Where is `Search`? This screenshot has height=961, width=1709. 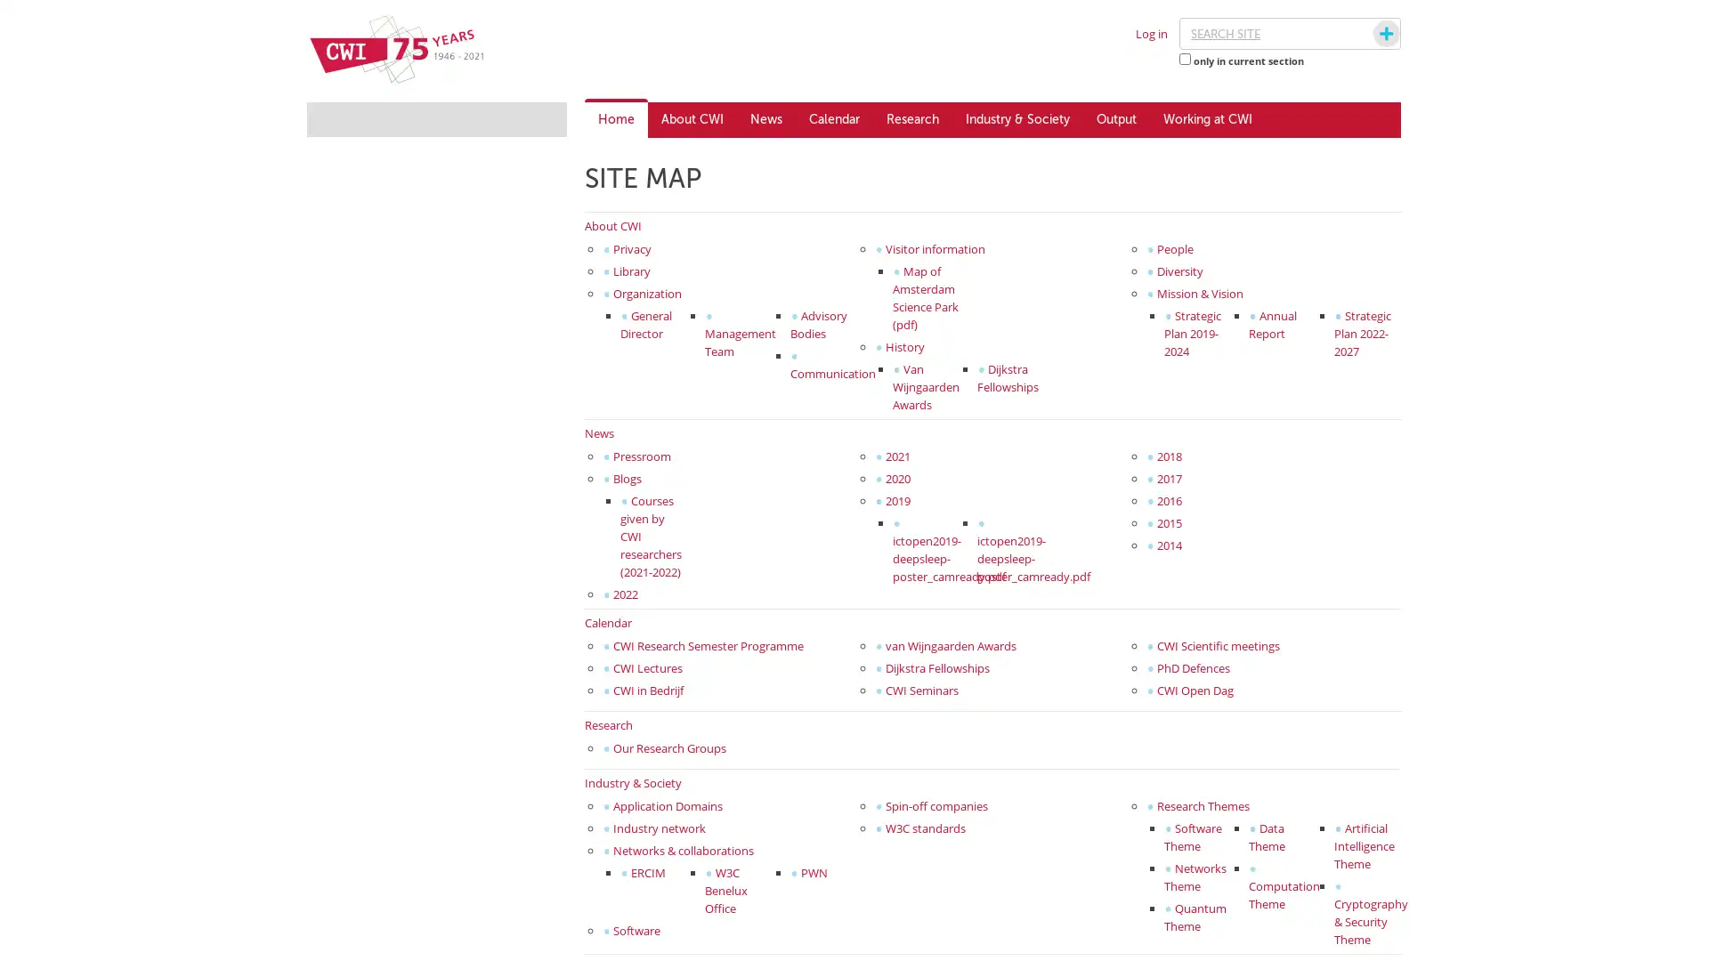 Search is located at coordinates (1369, 34).